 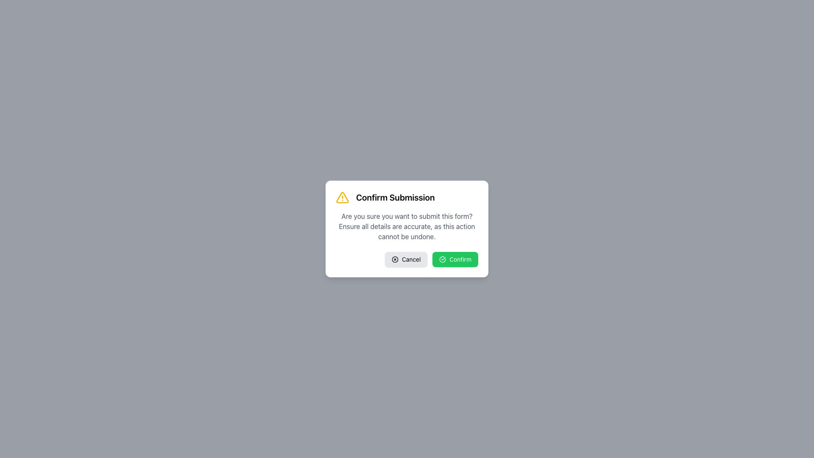 I want to click on the 'Cancel' button icon, which visually indicates the cancelation action and is positioned to the left of the button text within the modal, so click(x=394, y=259).